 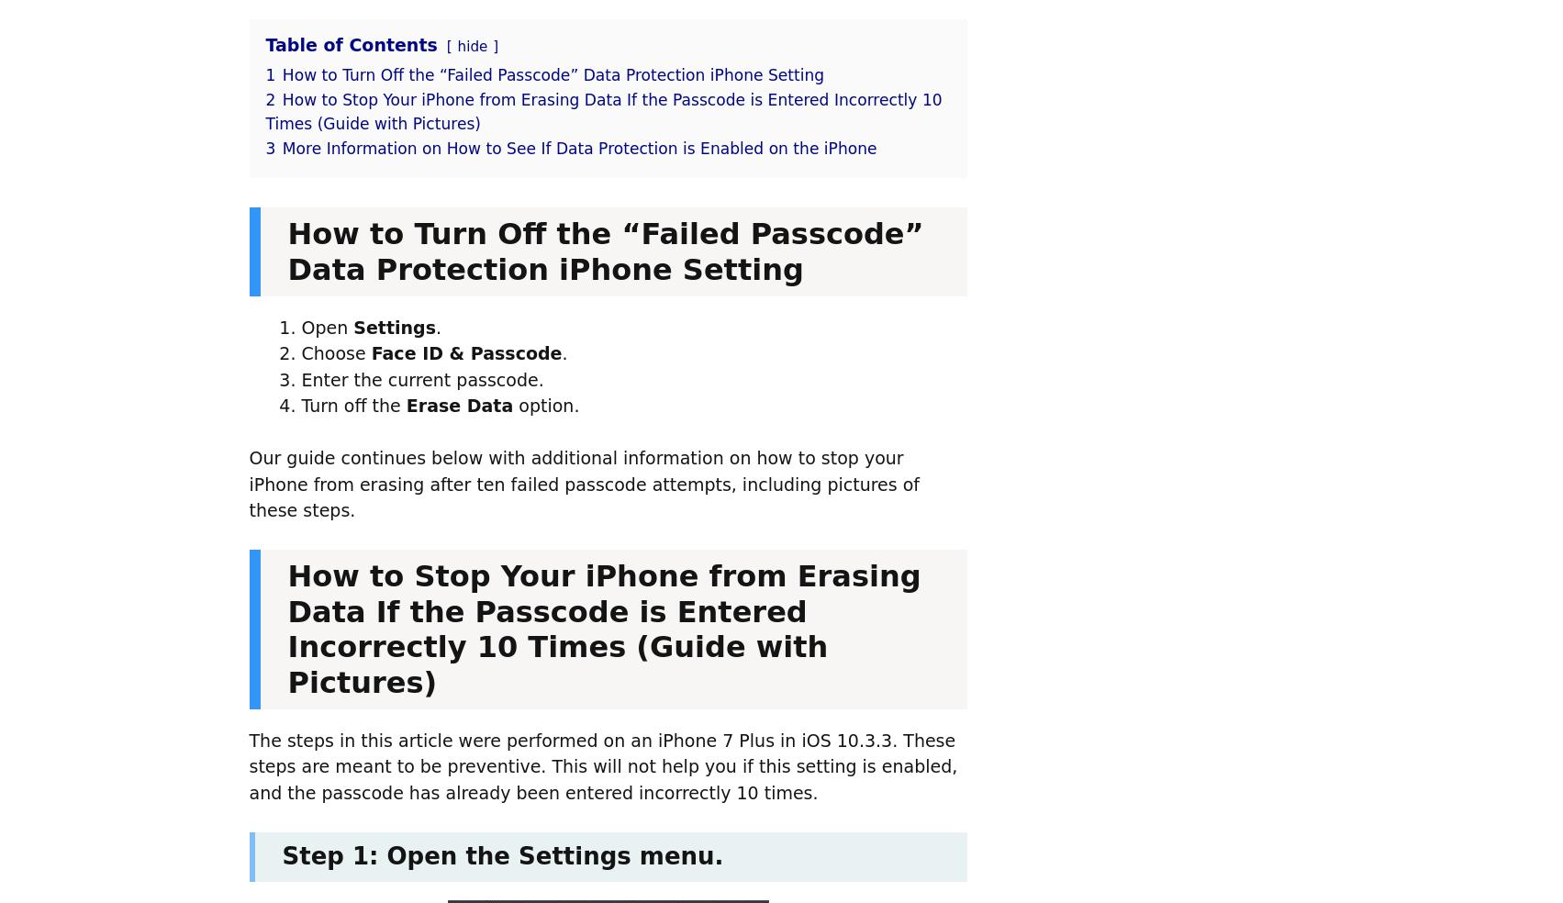 What do you see at coordinates (327, 326) in the screenshot?
I see `'Open'` at bounding box center [327, 326].